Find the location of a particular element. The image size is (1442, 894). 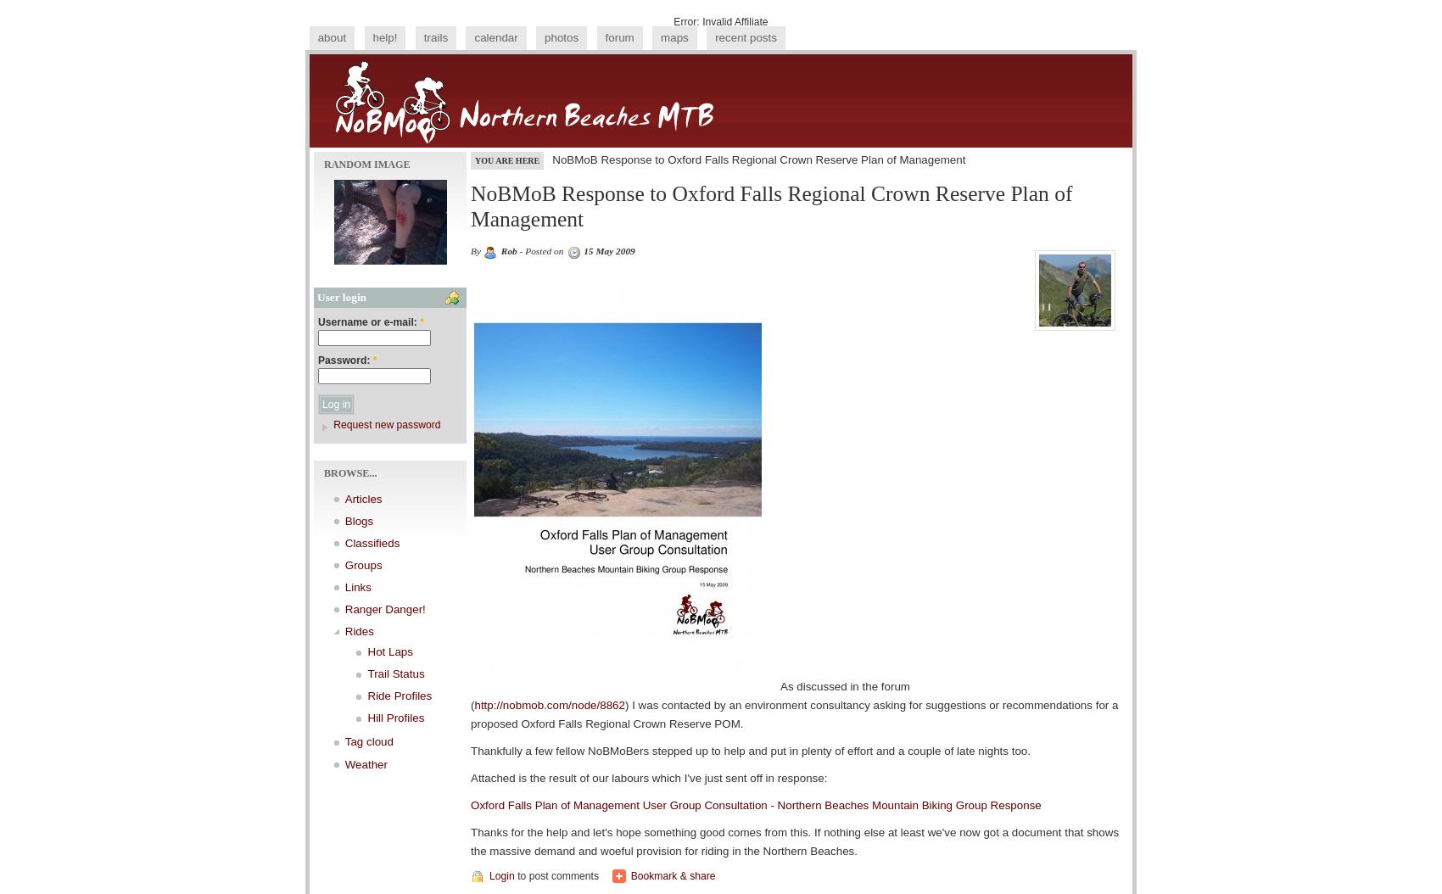

'Links' is located at coordinates (356, 586).